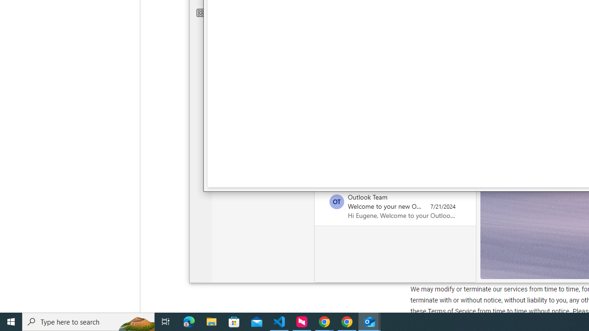 This screenshot has width=589, height=331. I want to click on 'Task View', so click(165, 321).